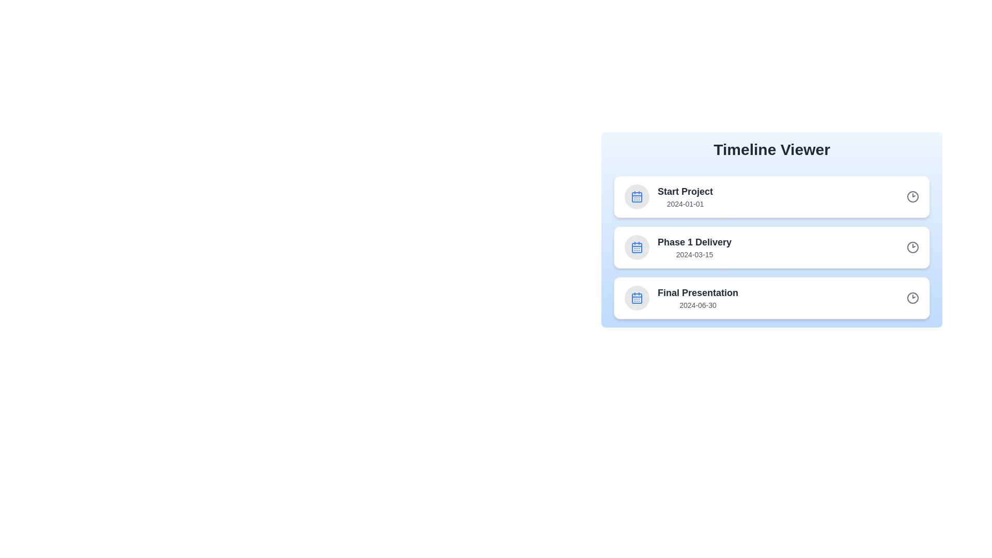  I want to click on the decorative element that represents the main body of the calendar icon located at the left side of the second list item in the 'Timeline Viewer' interface, so click(637, 247).